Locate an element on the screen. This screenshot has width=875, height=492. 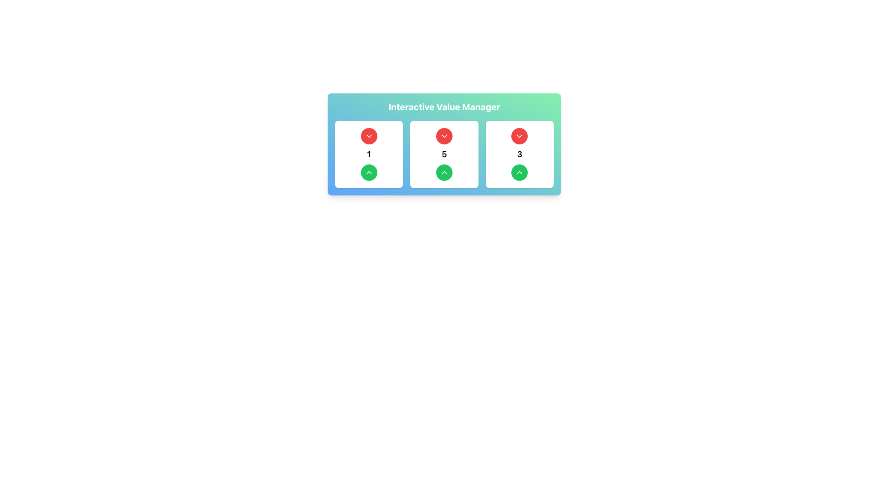
the green button to increase the value in the interactive value manager located in the second card of a grid layout is located at coordinates (444, 154).